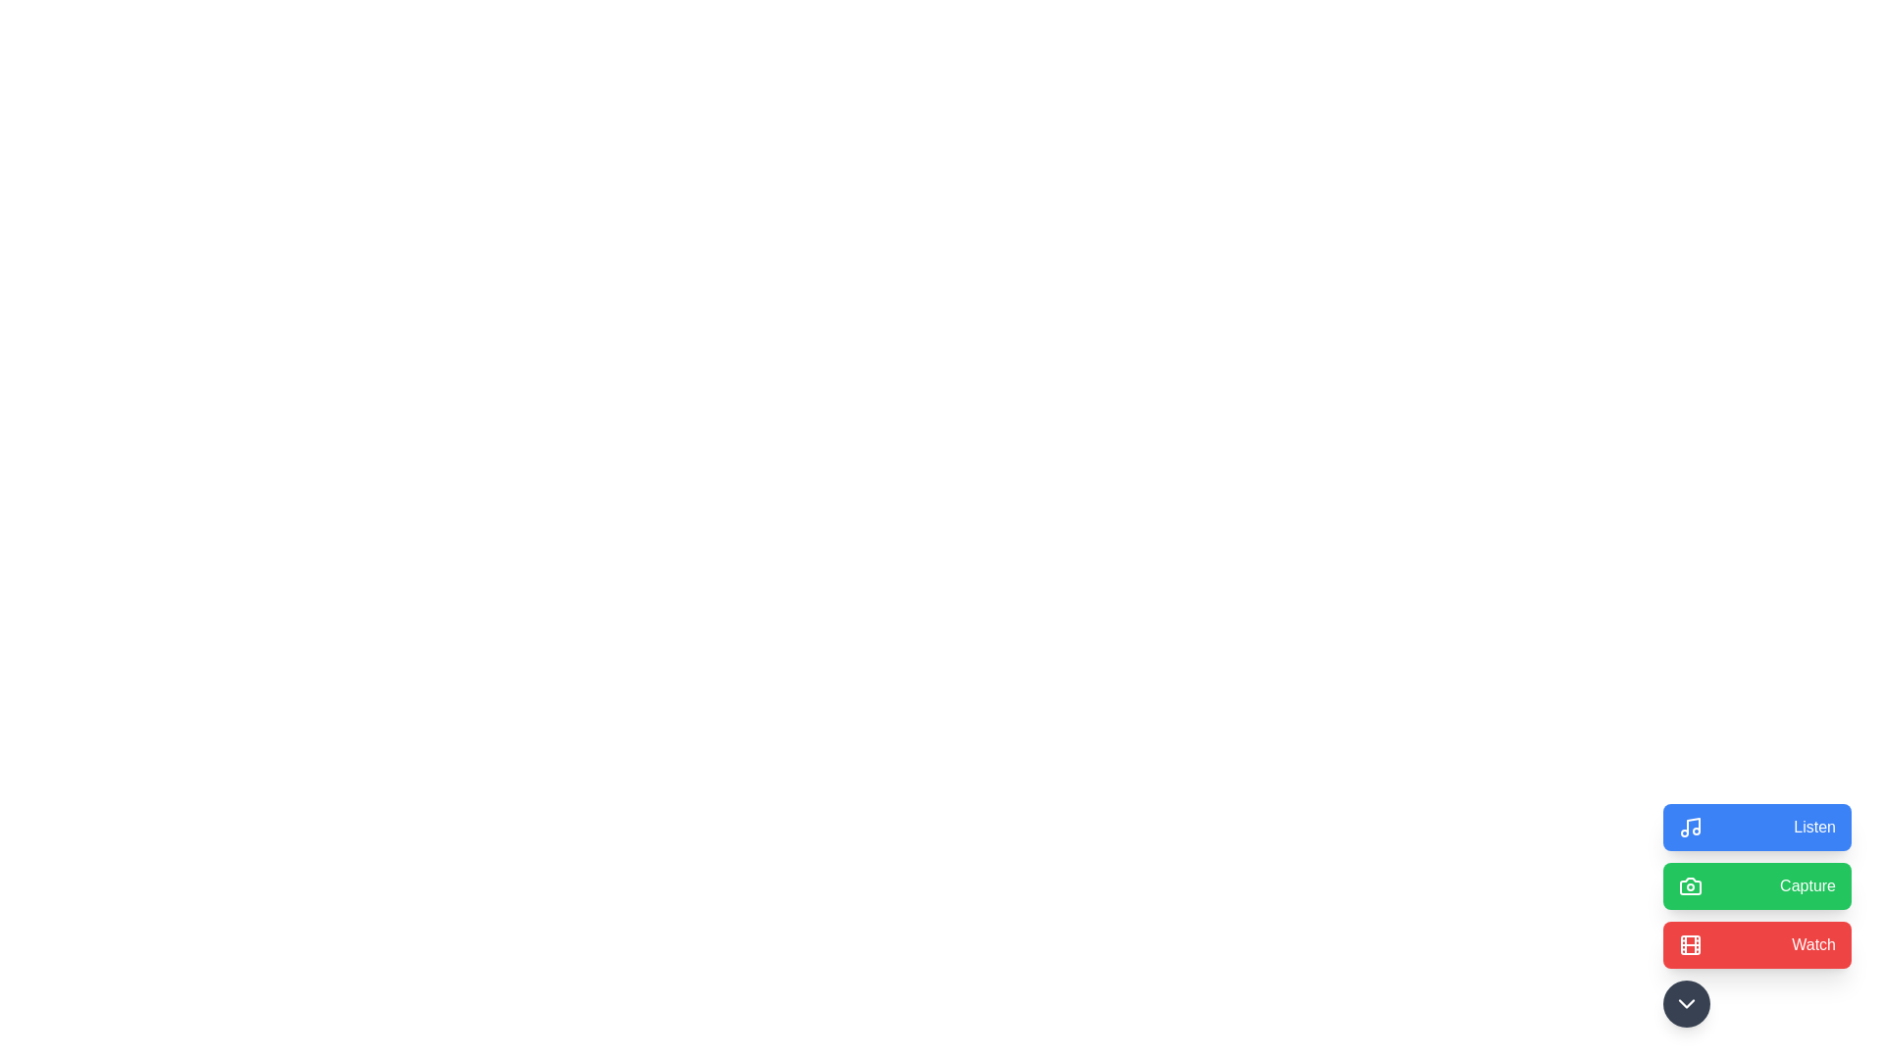 The image size is (1883, 1059). What do you see at coordinates (1756, 828) in the screenshot?
I see `the 'Listen' button to trigger its functionality` at bounding box center [1756, 828].